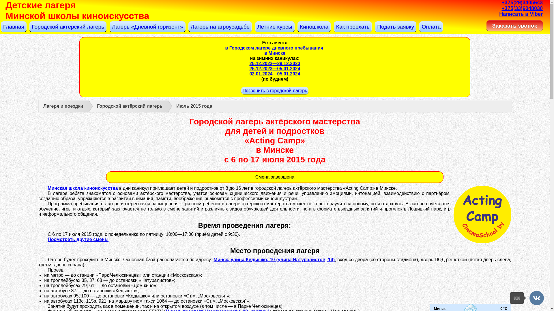 The image size is (554, 311). Describe the element at coordinates (522, 8) in the screenshot. I see `'+375(33)6048030'` at that location.